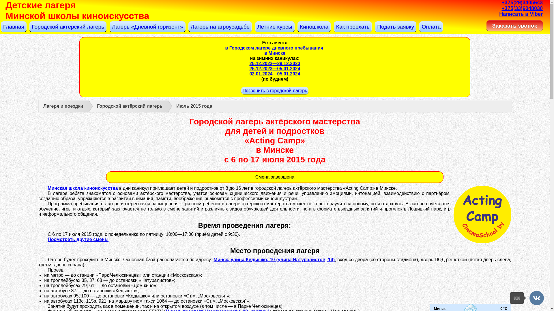 The image size is (554, 311). Describe the element at coordinates (522, 8) in the screenshot. I see `'+375(33)6048030'` at that location.